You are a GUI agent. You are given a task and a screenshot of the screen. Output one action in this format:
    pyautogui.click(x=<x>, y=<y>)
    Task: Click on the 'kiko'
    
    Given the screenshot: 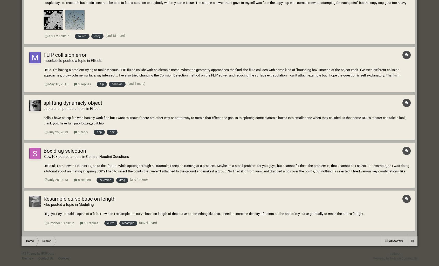 What is the action you would take?
    pyautogui.click(x=46, y=204)
    